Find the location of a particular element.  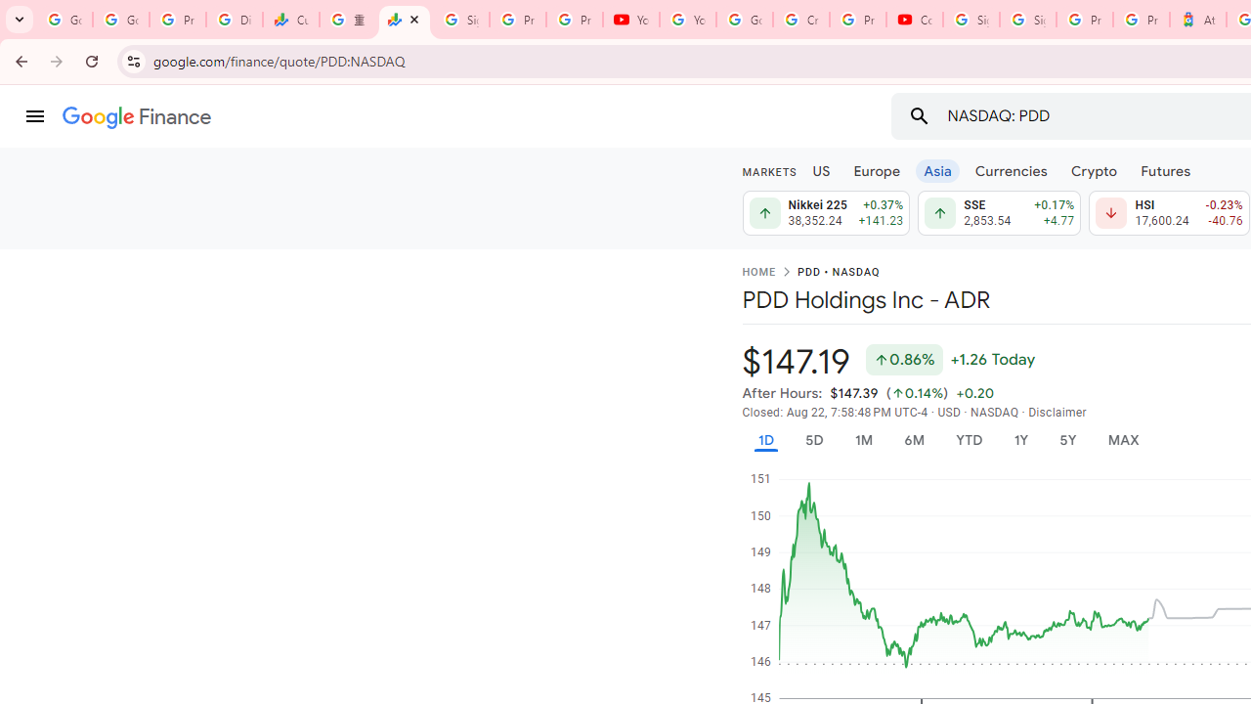

'PDD Holdings Inc - ADR (PDD) Price & News - Google Finance' is located at coordinates (404, 20).